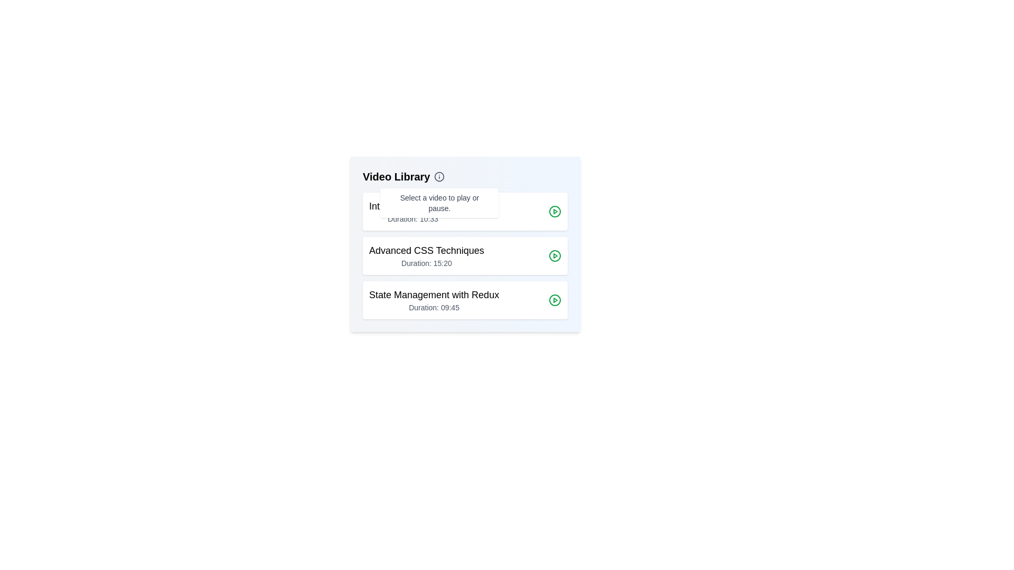 The height and width of the screenshot is (570, 1014). I want to click on the list item labeled 'State Management with Redux' from the Video Library section, so click(434, 300).